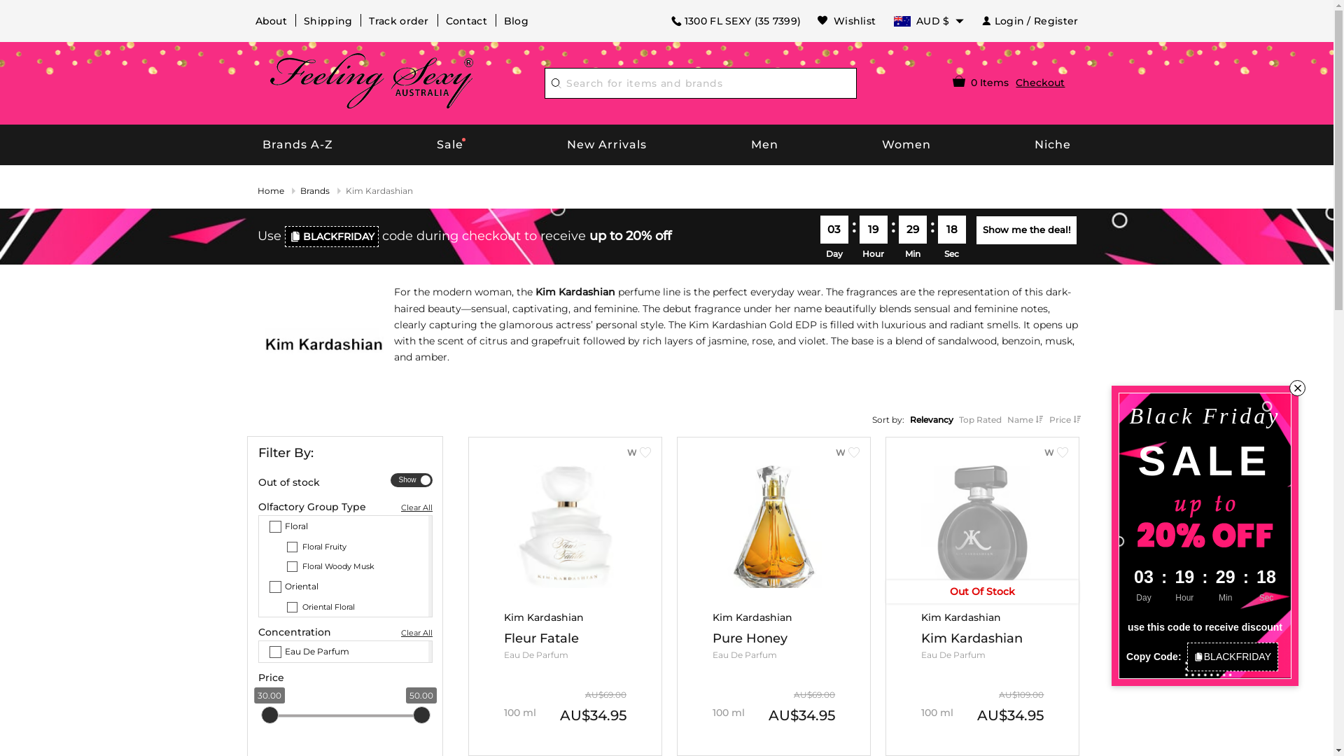  Describe the element at coordinates (883, 21) in the screenshot. I see `'AUD $'` at that location.